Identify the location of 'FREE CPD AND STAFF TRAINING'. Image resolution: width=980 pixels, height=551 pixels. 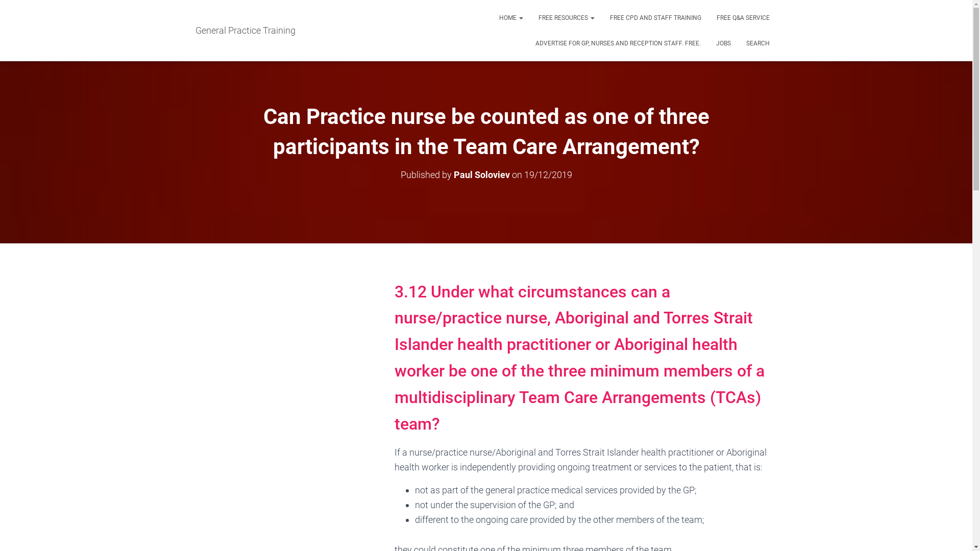
(655, 17).